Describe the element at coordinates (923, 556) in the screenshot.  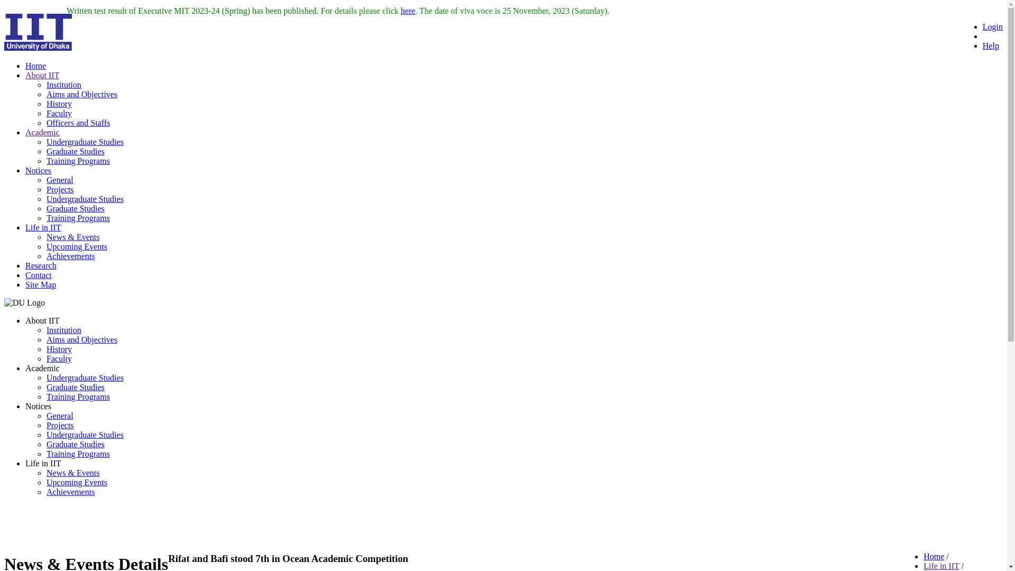
I see `'Home'` at that location.